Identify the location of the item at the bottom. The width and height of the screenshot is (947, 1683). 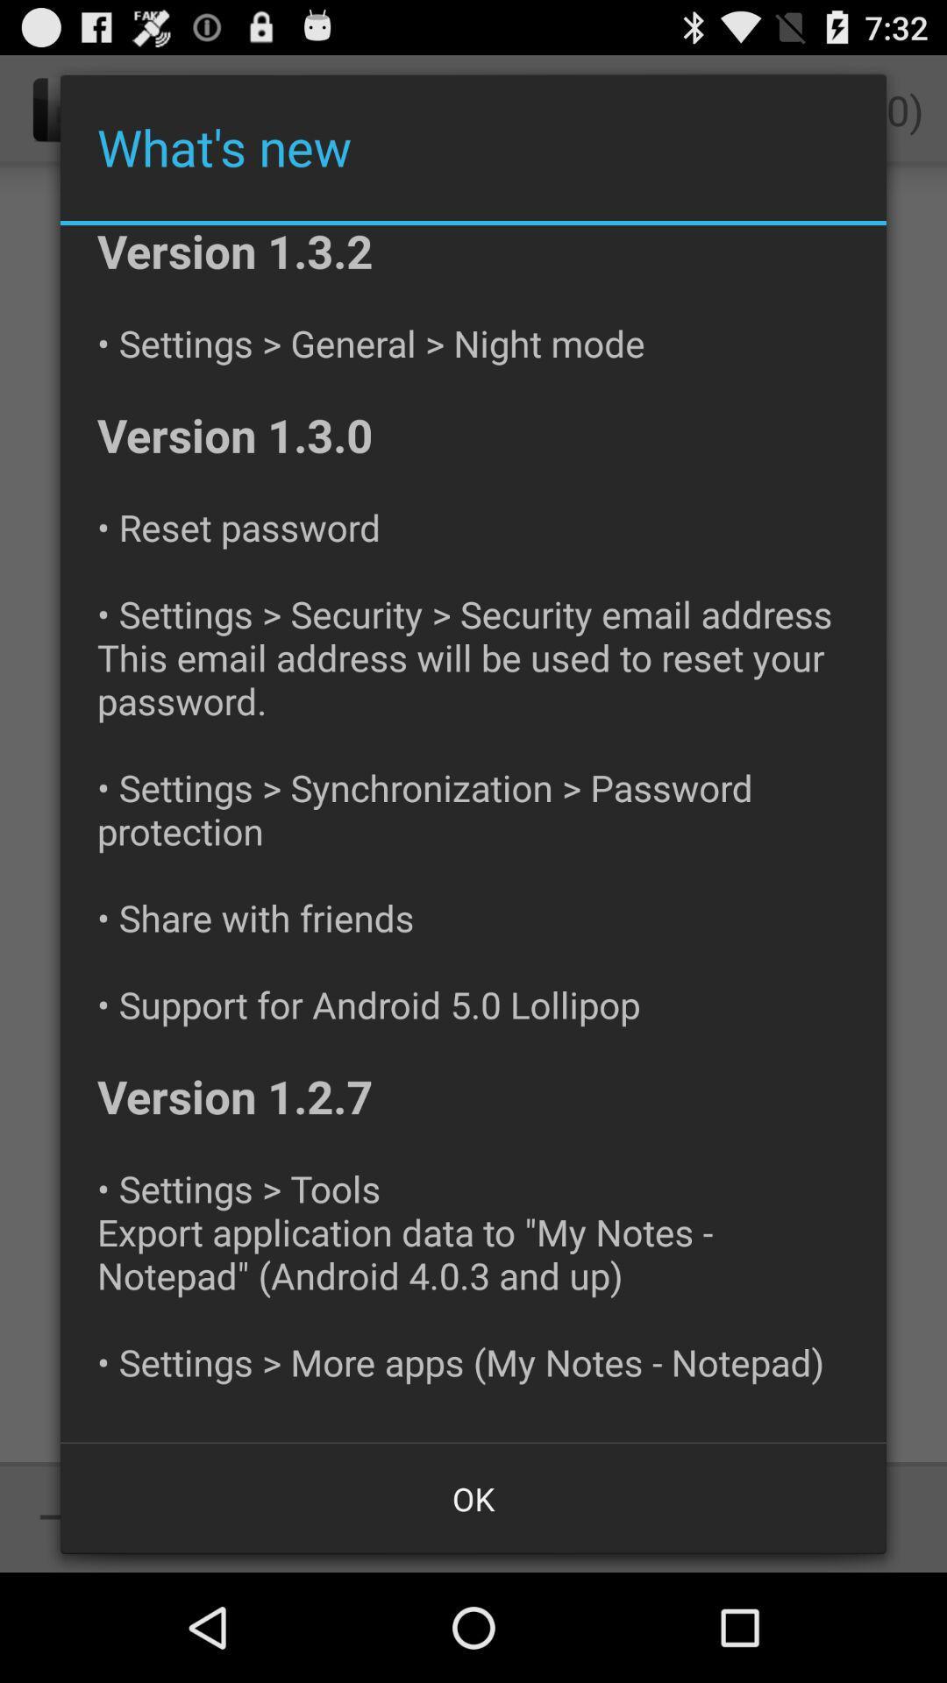
(473, 1497).